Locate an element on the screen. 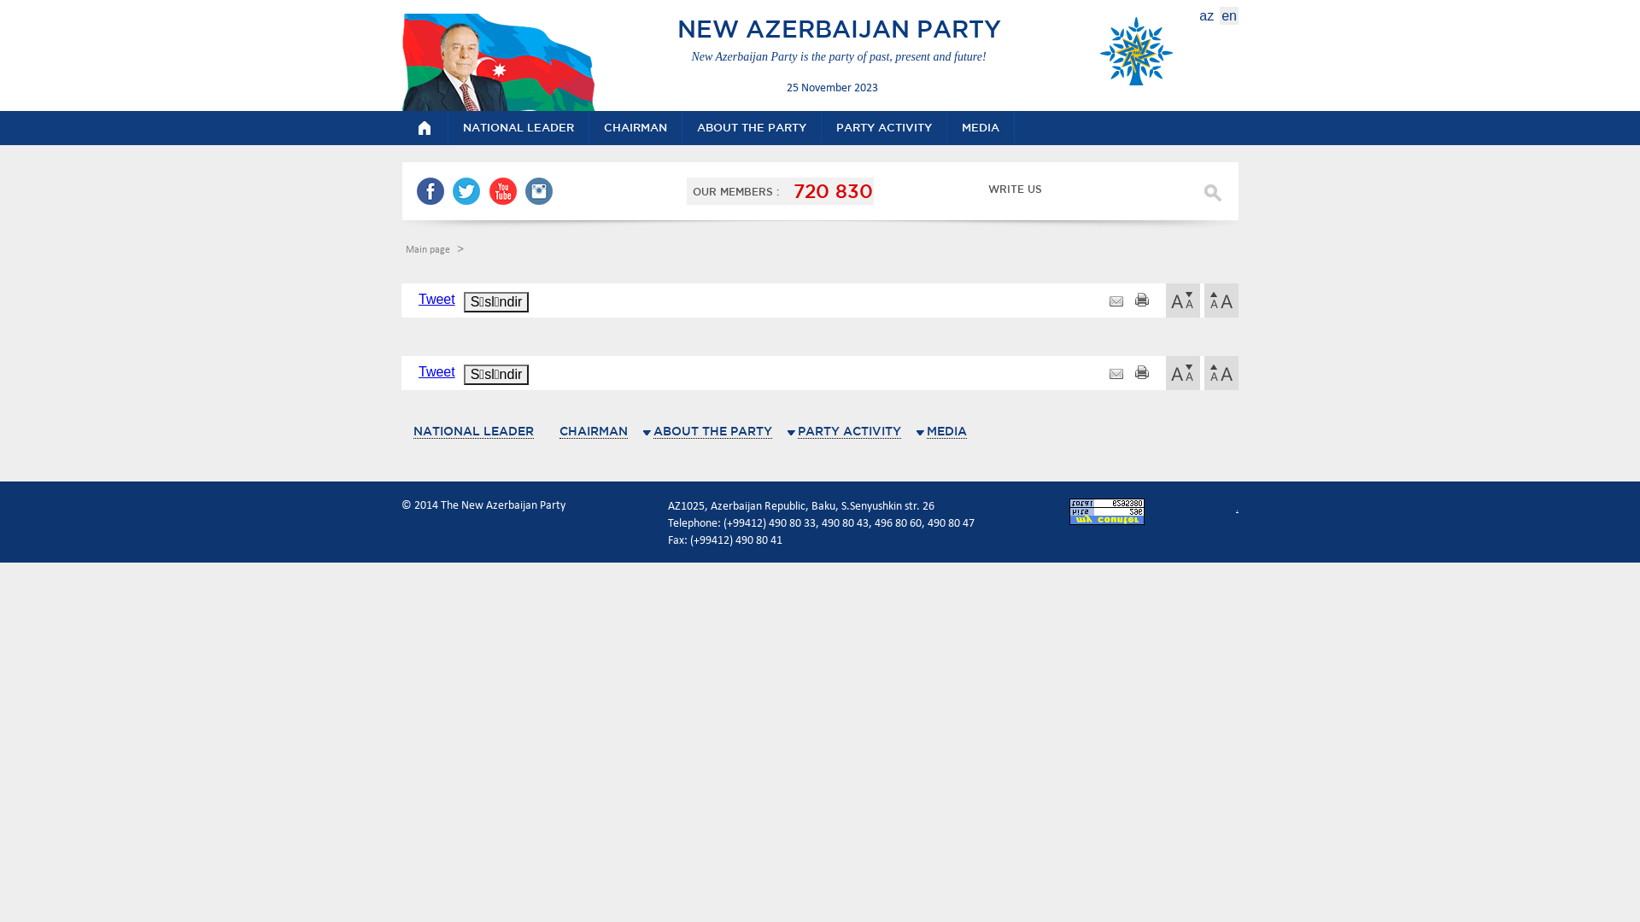 The image size is (1640, 922). 'print' is located at coordinates (1142, 373).